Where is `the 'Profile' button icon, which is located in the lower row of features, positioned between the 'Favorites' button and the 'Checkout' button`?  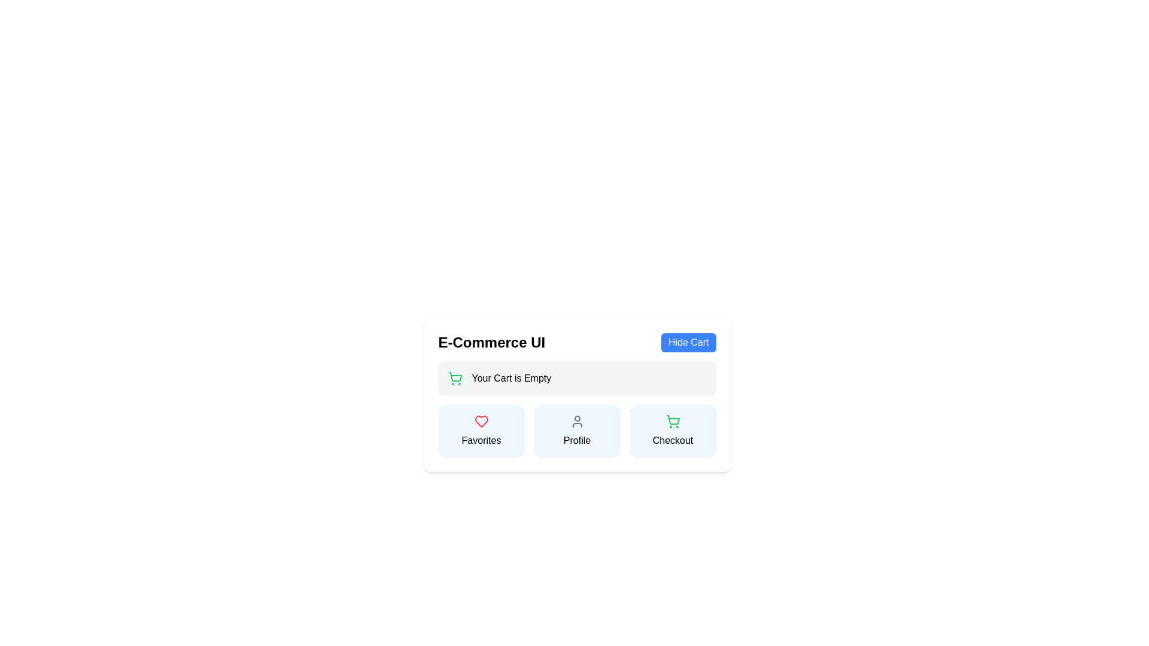
the 'Profile' button icon, which is located in the lower row of features, positioned between the 'Favorites' button and the 'Checkout' button is located at coordinates (577, 421).